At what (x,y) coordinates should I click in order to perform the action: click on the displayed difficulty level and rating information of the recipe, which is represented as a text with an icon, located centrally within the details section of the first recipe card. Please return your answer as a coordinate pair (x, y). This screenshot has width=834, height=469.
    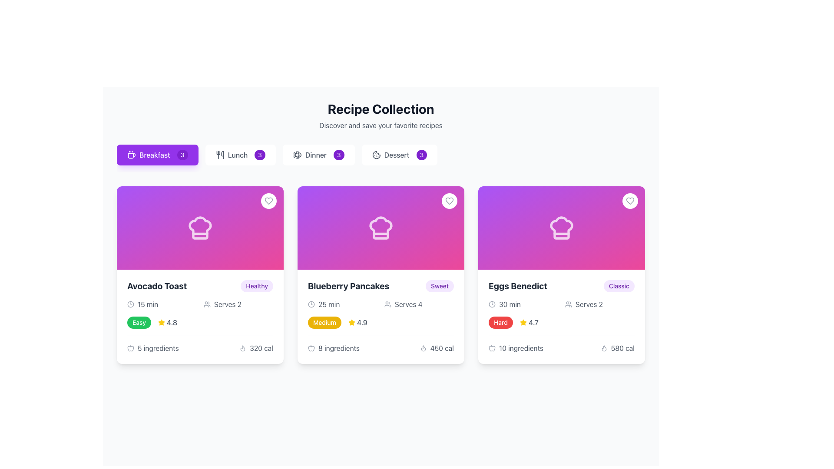
    Looking at the image, I should click on (199, 323).